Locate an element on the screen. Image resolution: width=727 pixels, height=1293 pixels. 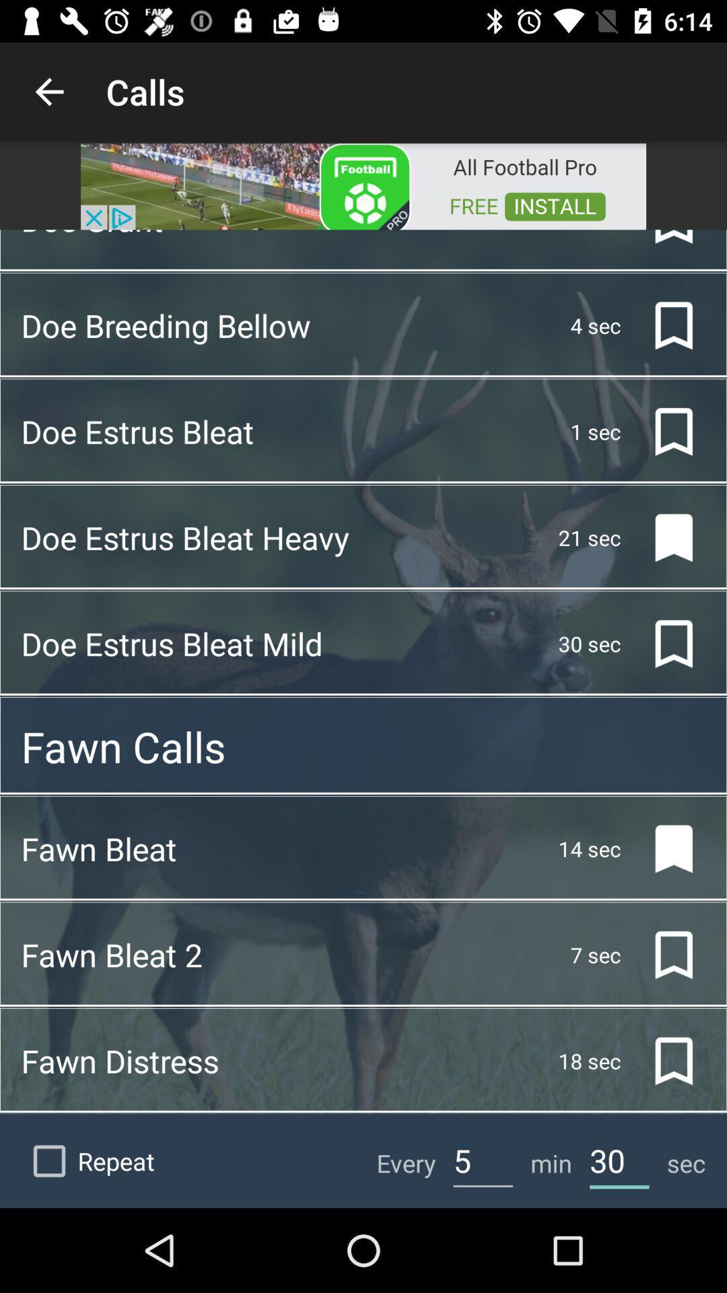
the bookmark icon is located at coordinates (662, 537).